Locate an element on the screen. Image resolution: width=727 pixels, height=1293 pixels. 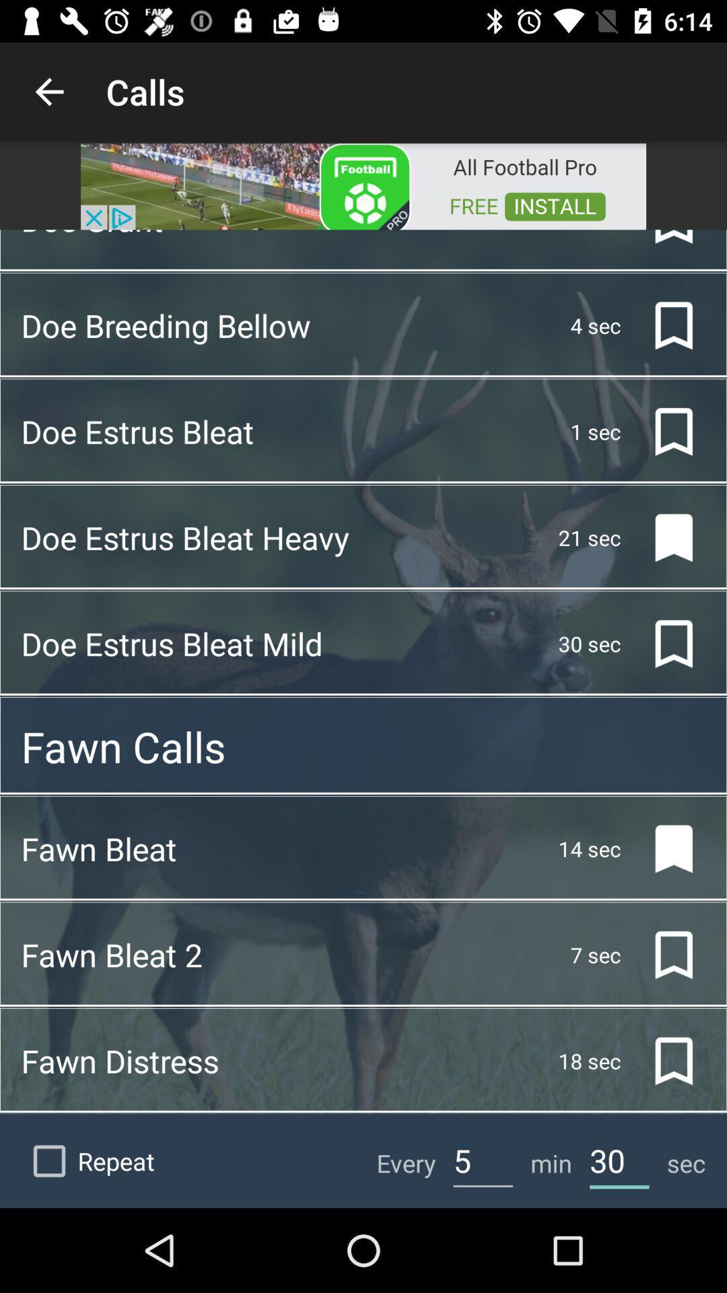
the bookmark icon is located at coordinates (662, 537).